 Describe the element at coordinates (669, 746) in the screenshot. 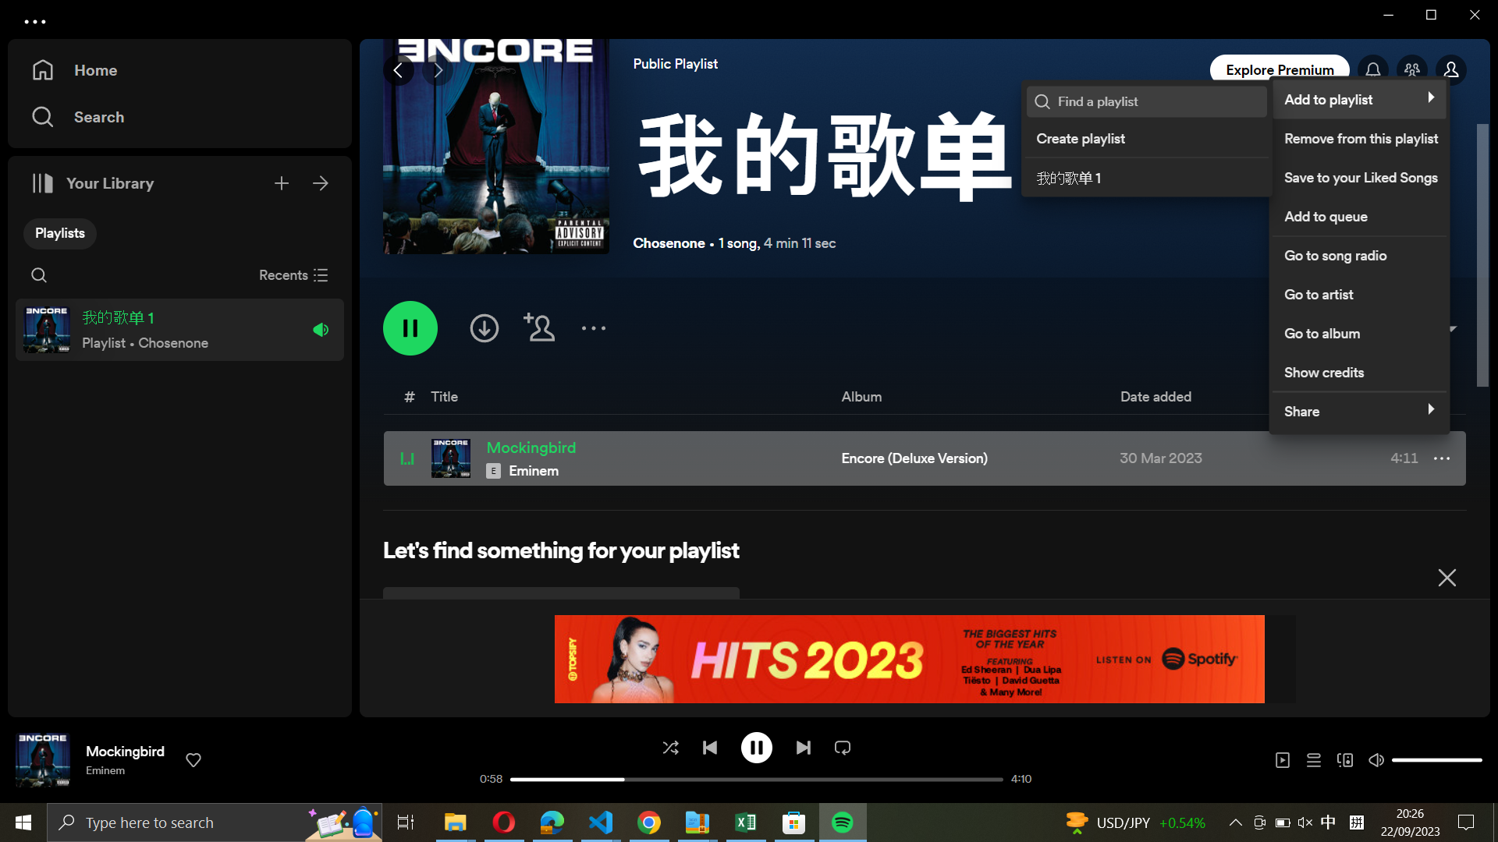

I see `Engage shuffle feature for music list` at that location.